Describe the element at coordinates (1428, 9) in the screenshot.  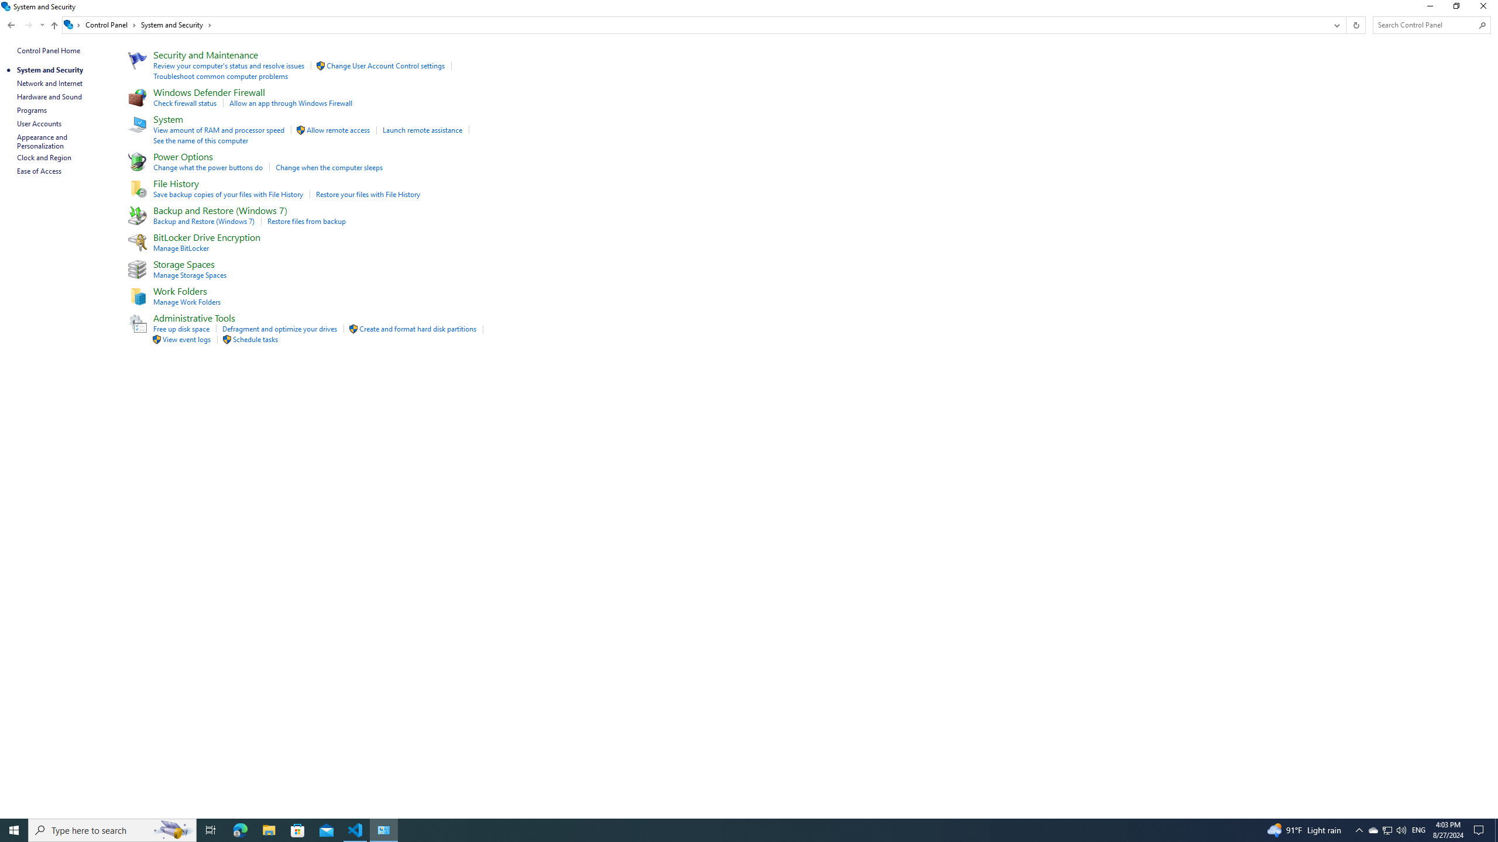
I see `'Minimize'` at that location.